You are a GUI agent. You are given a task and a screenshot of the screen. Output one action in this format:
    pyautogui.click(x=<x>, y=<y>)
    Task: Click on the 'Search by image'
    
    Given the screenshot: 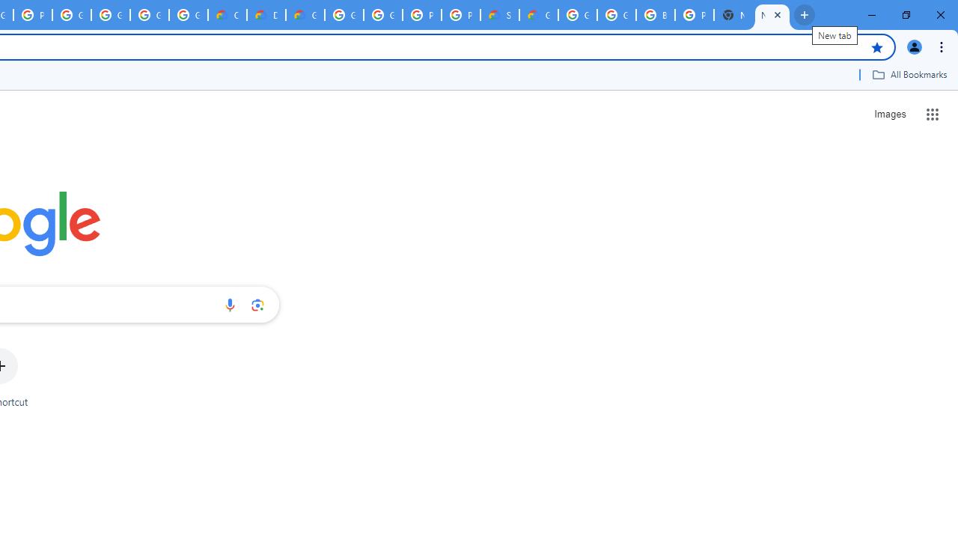 What is the action you would take?
    pyautogui.click(x=257, y=304)
    